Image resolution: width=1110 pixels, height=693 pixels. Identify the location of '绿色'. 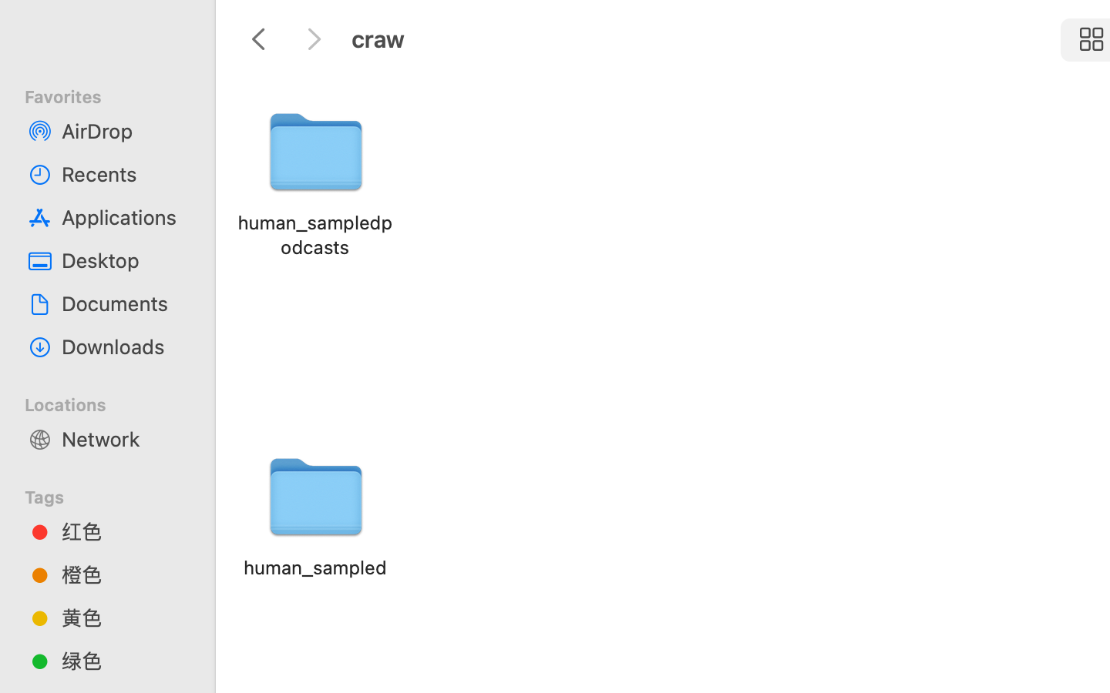
(123, 660).